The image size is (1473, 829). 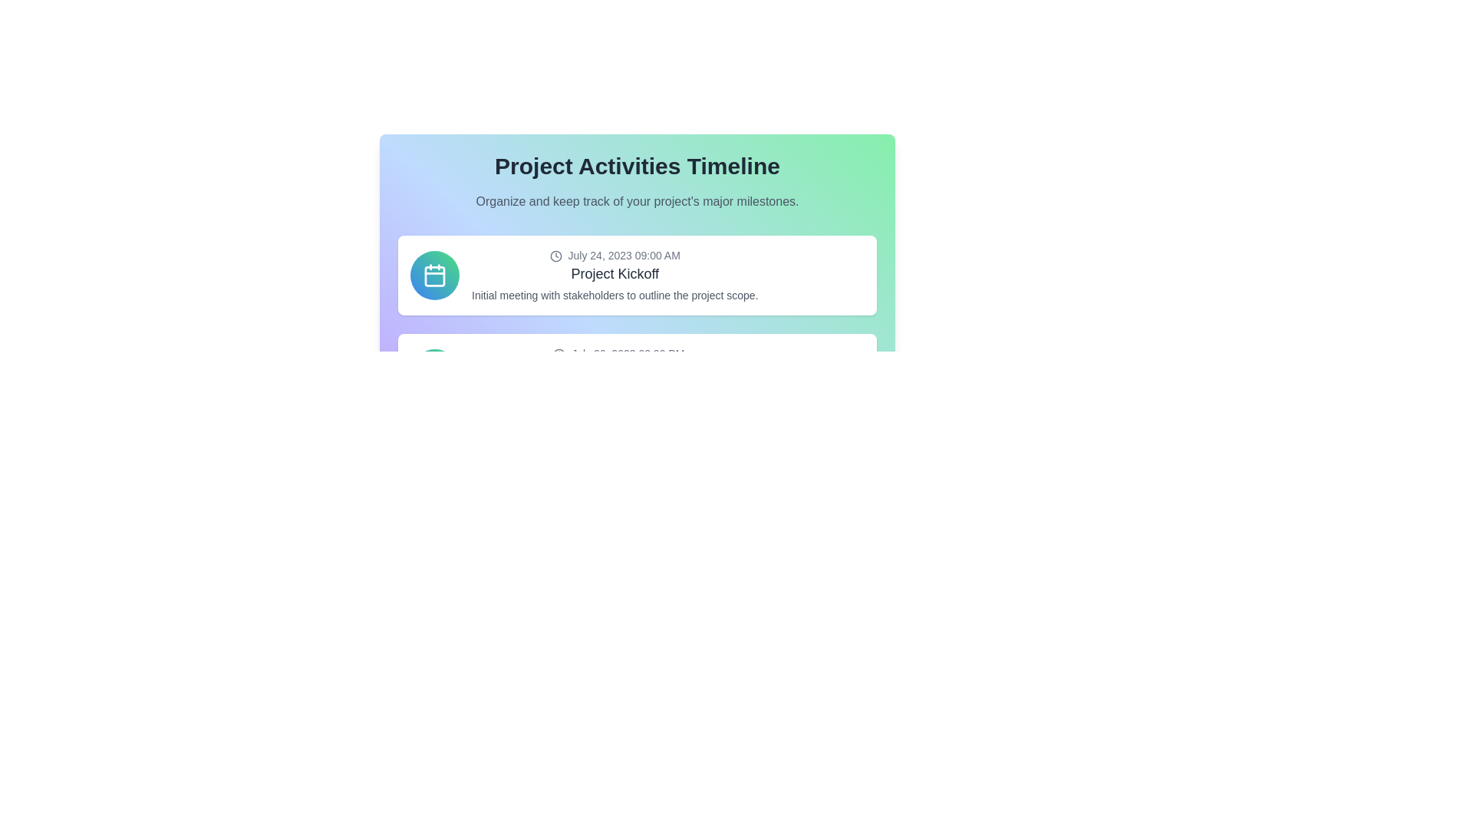 I want to click on the text element reading 'Initial meeting with stakeholders to outline the project scope.' which is styled in a small, light gray font and located below the bold text 'Project Kickoff', so click(x=615, y=296).